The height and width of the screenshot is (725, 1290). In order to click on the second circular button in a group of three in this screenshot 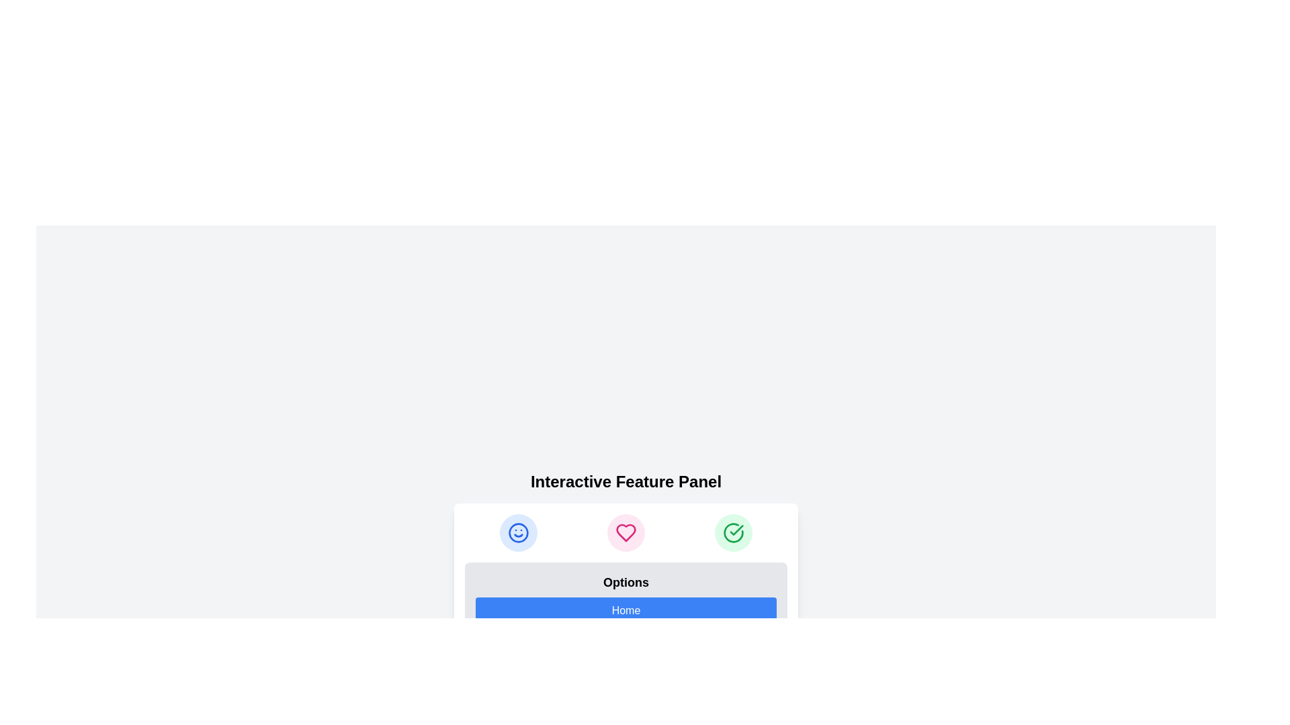, I will do `click(625, 532)`.